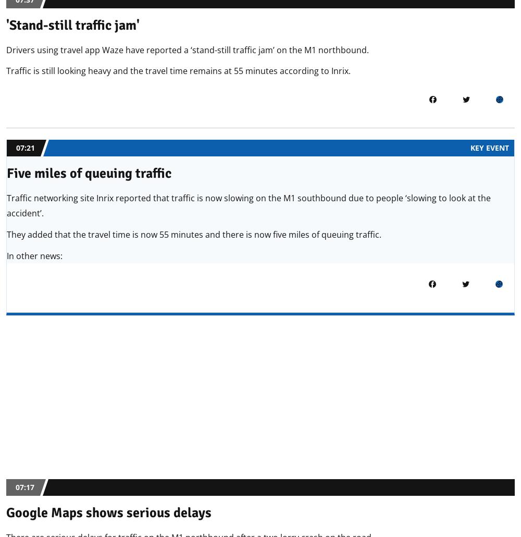 Image resolution: width=521 pixels, height=537 pixels. Describe the element at coordinates (25, 487) in the screenshot. I see `'07:17'` at that location.